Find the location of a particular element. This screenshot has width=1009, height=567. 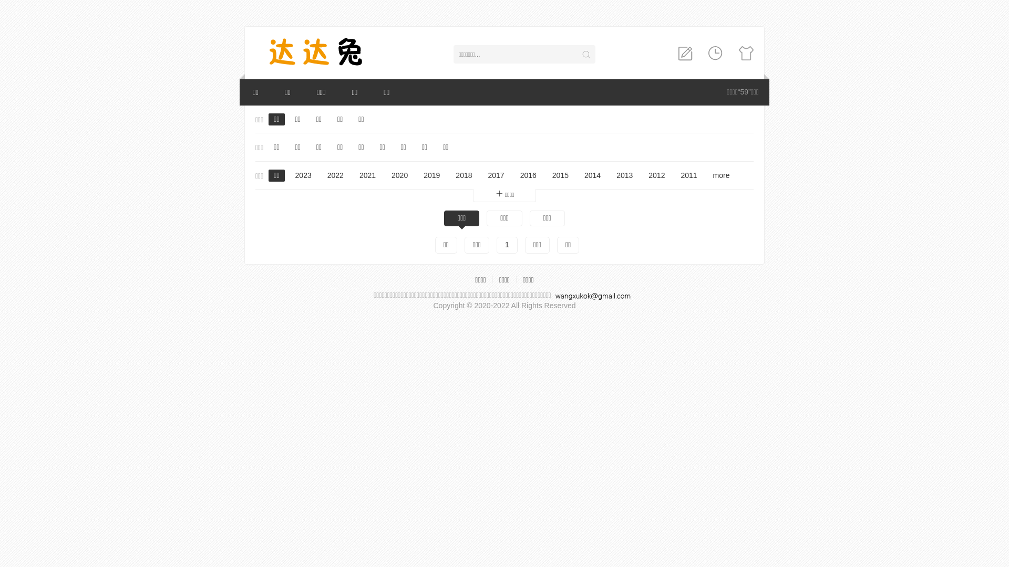

'2016' is located at coordinates (514, 175).